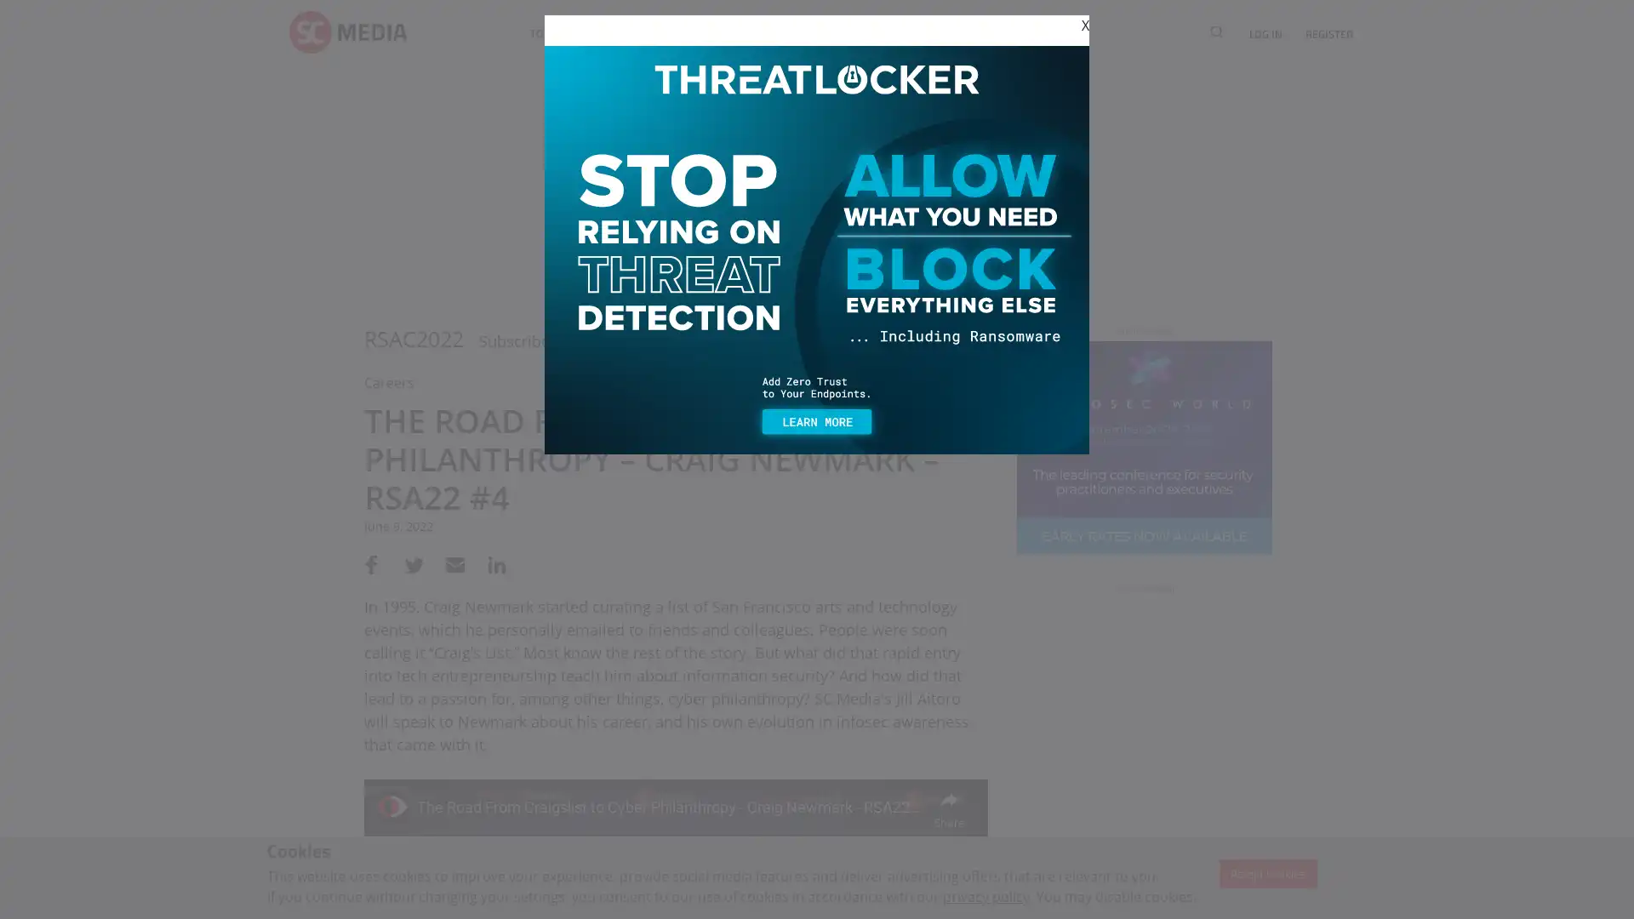 This screenshot has height=919, width=1634. What do you see at coordinates (547, 33) in the screenshot?
I see `TOPICS` at bounding box center [547, 33].